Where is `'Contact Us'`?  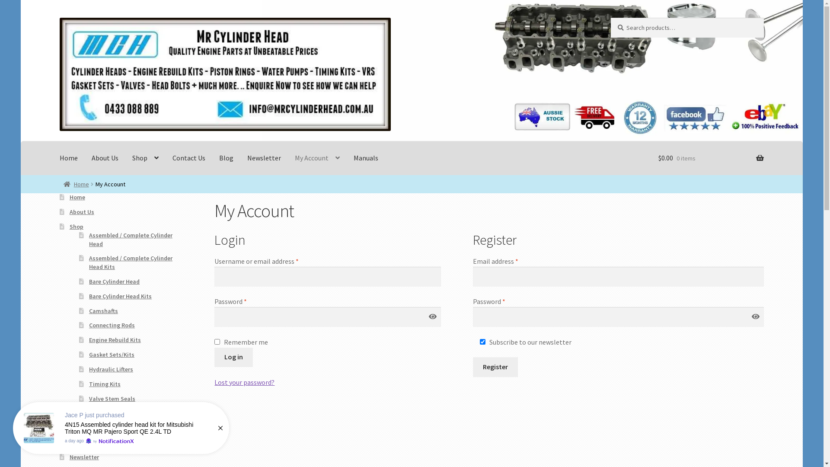 'Contact Us' is located at coordinates (188, 158).